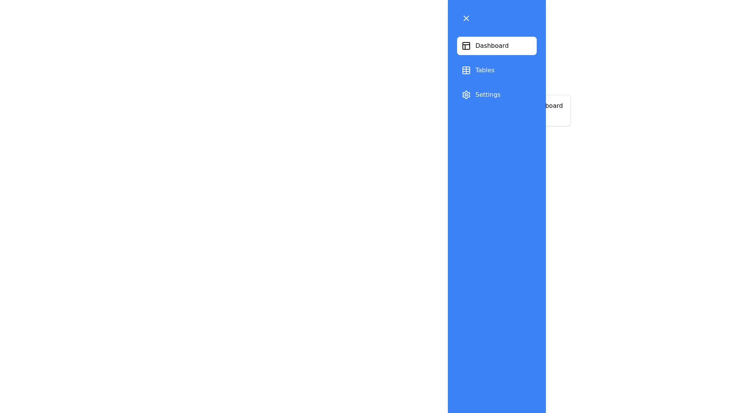  I want to click on the button at the top of the drawer to toggle its state, so click(497, 18).